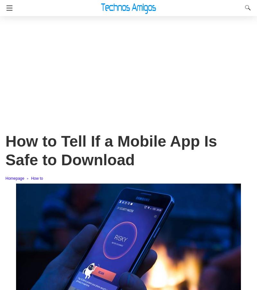 Image resolution: width=257 pixels, height=290 pixels. Describe the element at coordinates (56, 143) in the screenshot. I see `'Enabling location services'` at that location.